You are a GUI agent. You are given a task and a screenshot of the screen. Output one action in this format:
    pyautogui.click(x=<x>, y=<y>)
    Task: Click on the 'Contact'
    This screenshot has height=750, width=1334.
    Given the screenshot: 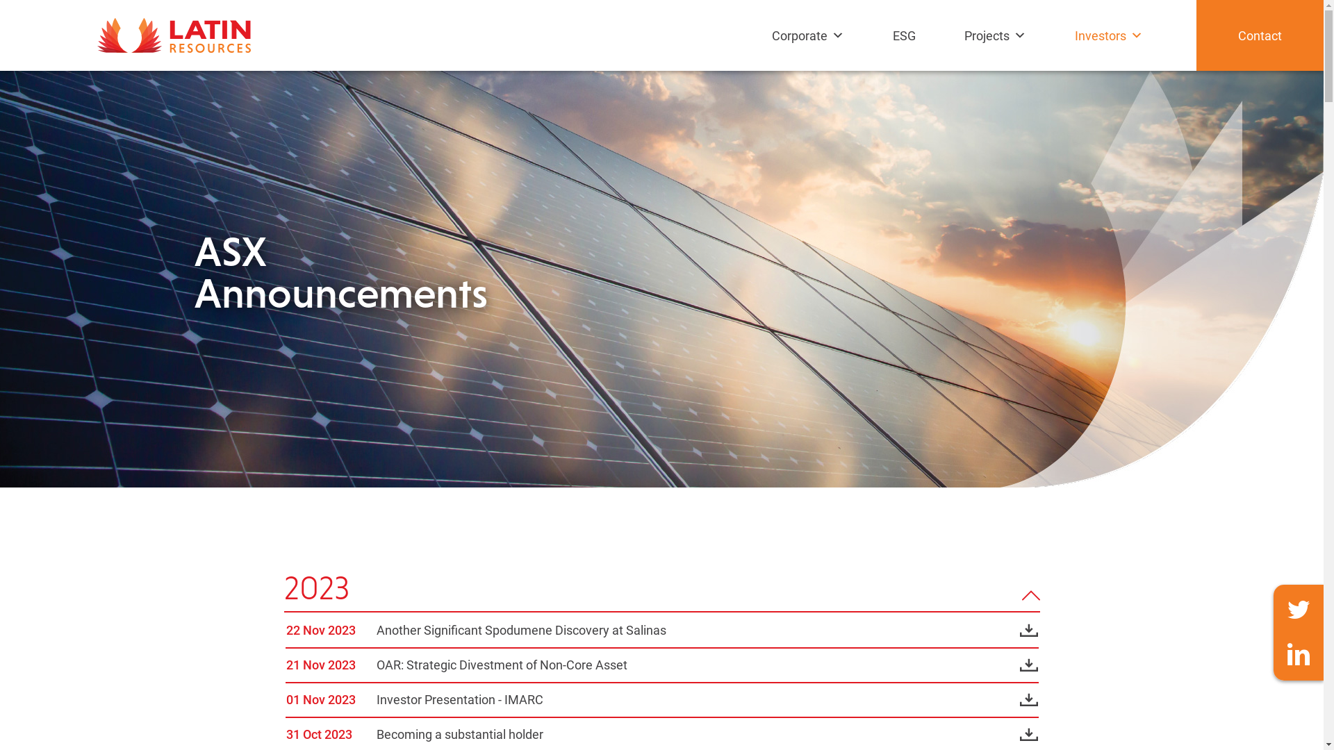 What is the action you would take?
    pyautogui.click(x=1260, y=34)
    